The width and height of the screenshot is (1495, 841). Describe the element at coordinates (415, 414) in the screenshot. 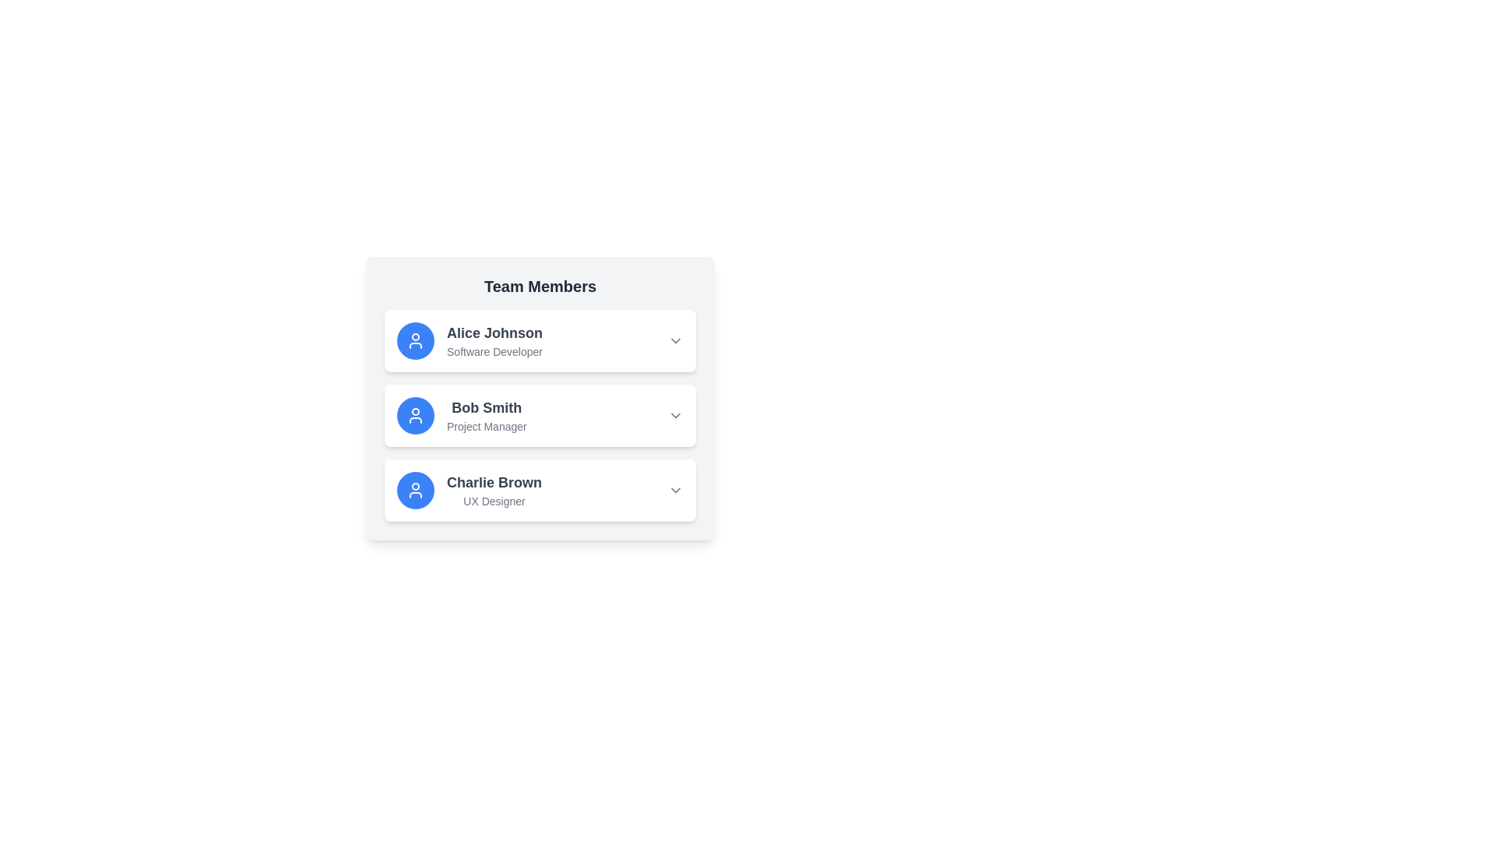

I see `the user's profile icon for Bob Smith, which is styled as a silhouette and located inside a circular blue button` at that location.